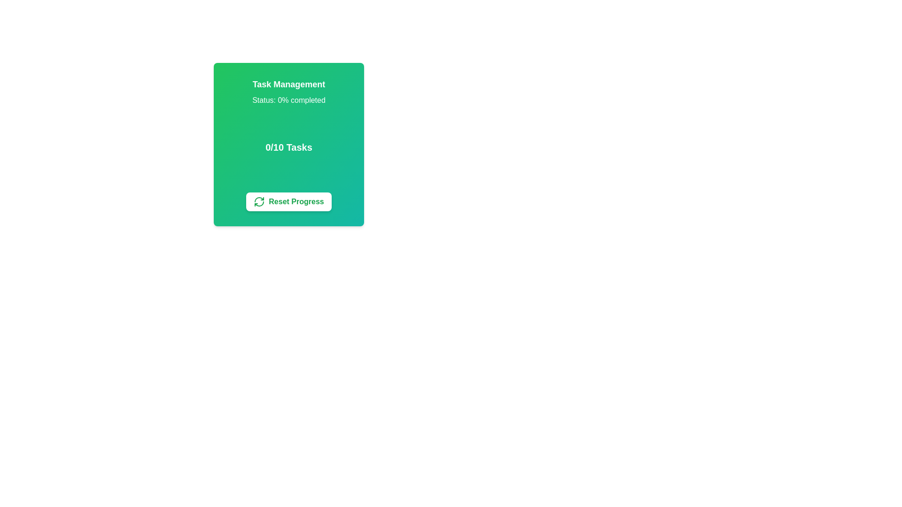  Describe the element at coordinates (288, 147) in the screenshot. I see `the Static Text Label that indicates the current completion status of a task list, located beneath the text 'Status: 0% completed' and above the 'Reset Progress' button` at that location.